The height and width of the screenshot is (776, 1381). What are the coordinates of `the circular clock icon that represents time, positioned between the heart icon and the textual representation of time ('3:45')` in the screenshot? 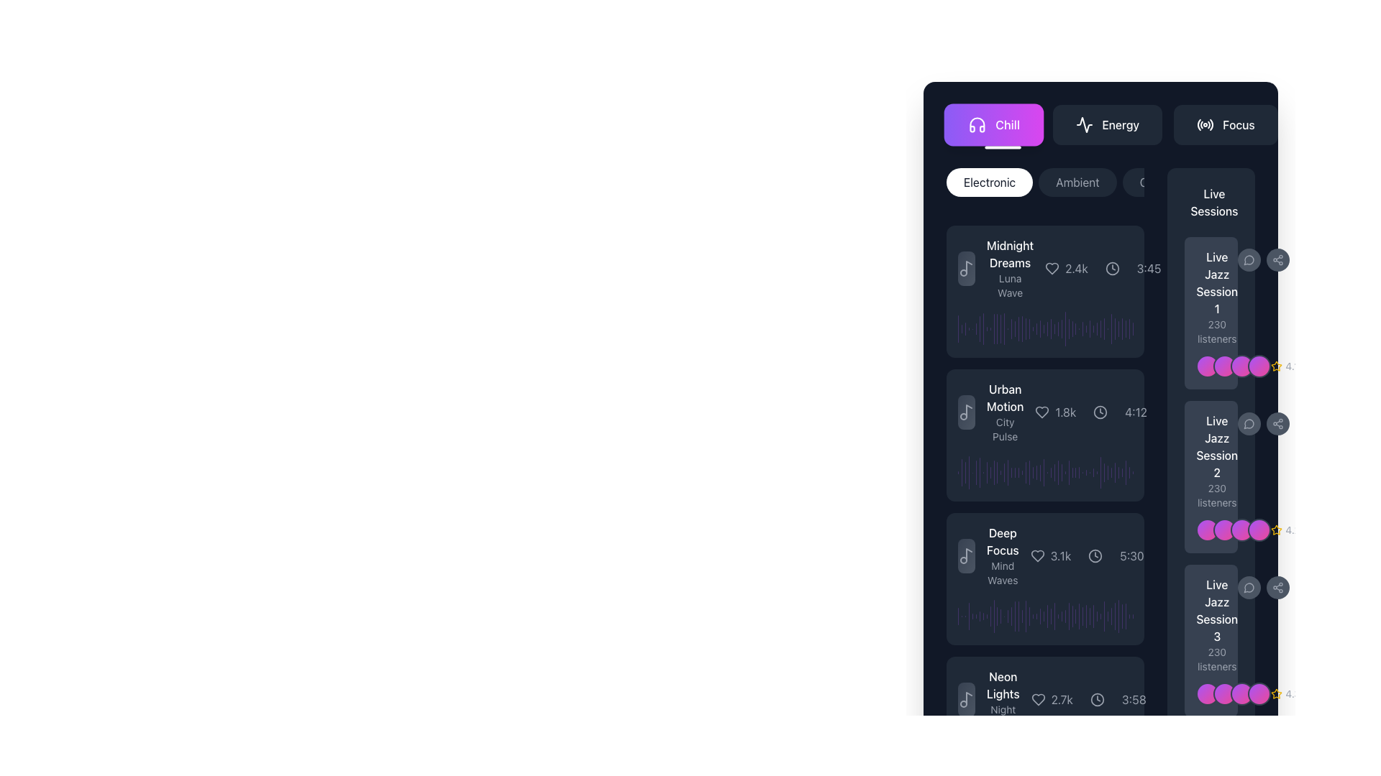 It's located at (1111, 269).